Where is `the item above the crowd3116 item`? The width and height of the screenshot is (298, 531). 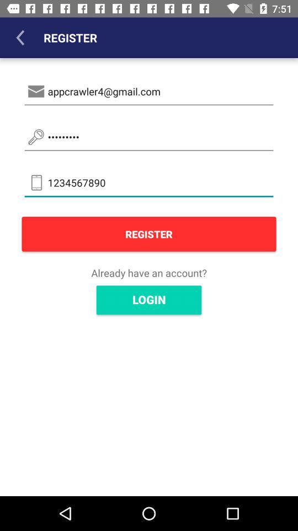
the item above the crowd3116 item is located at coordinates (149, 91).